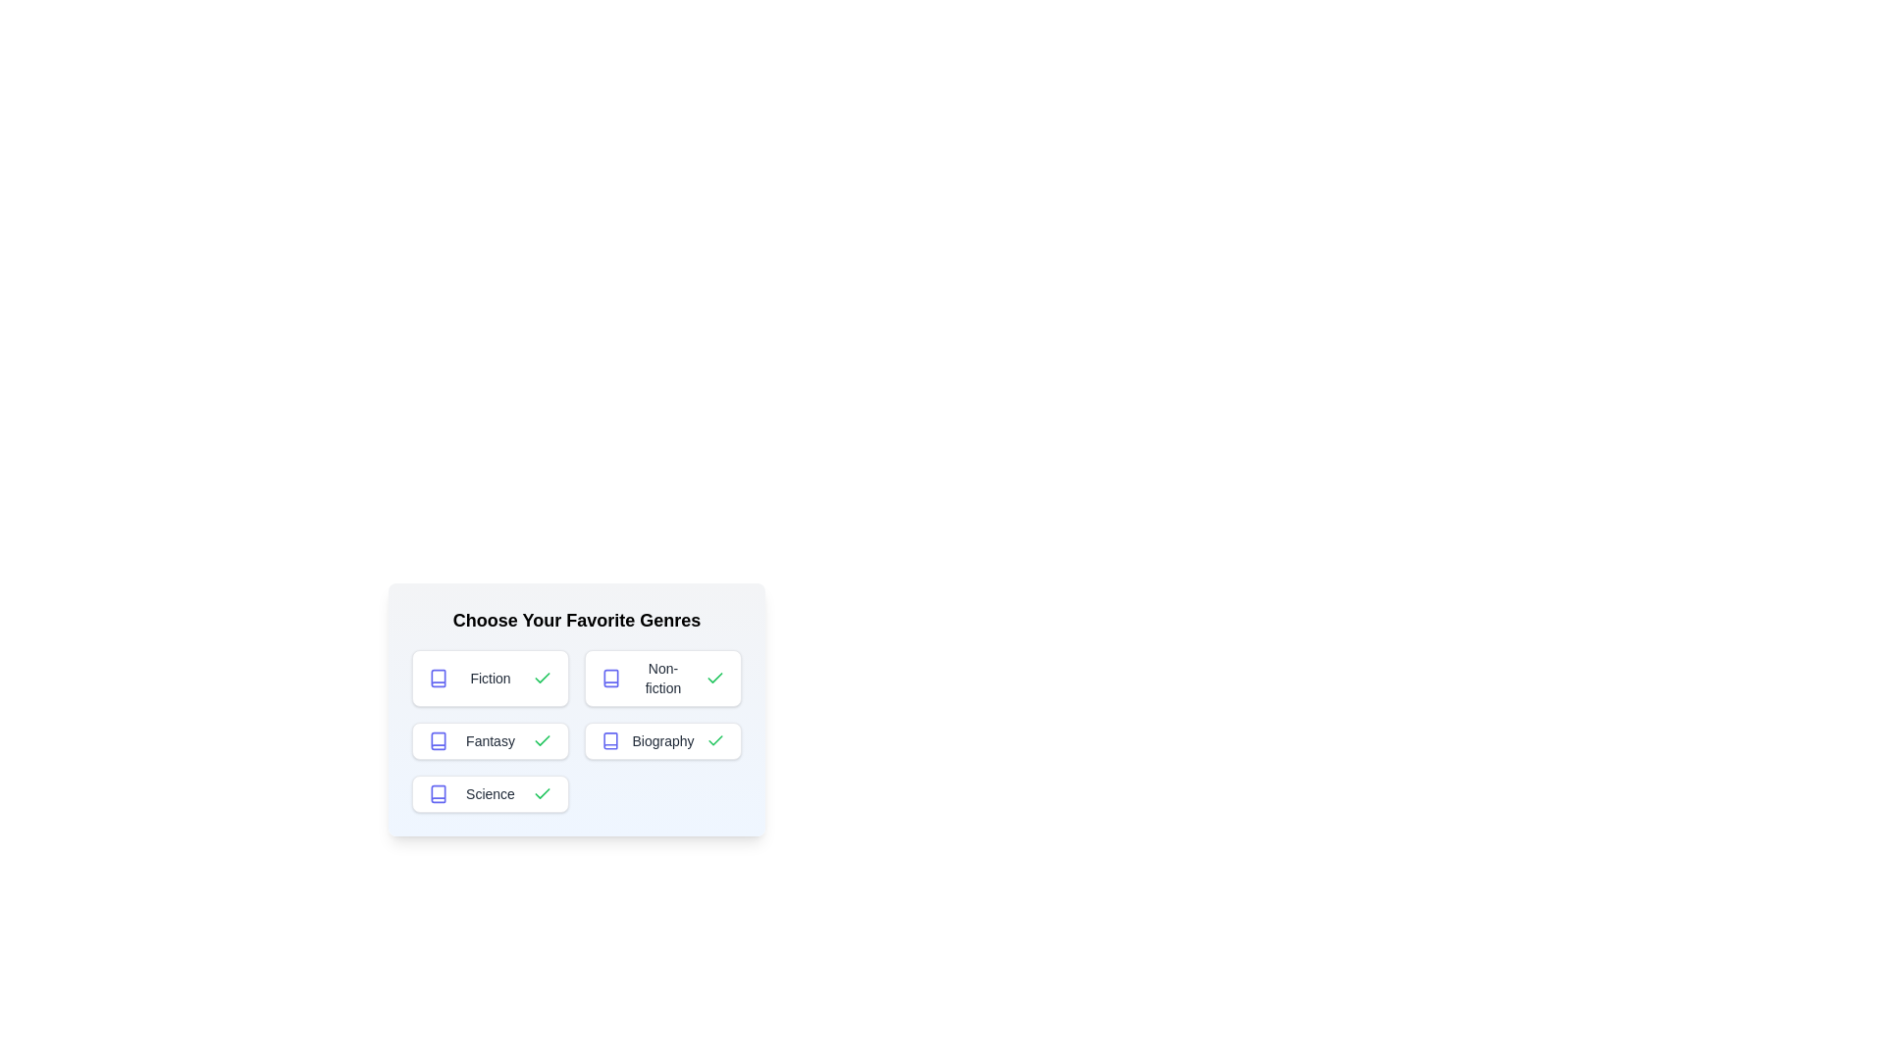 The width and height of the screenshot is (1884, 1059). What do you see at coordinates (490, 741) in the screenshot?
I see `the genre button labeled Fantasy to toggle its selection` at bounding box center [490, 741].